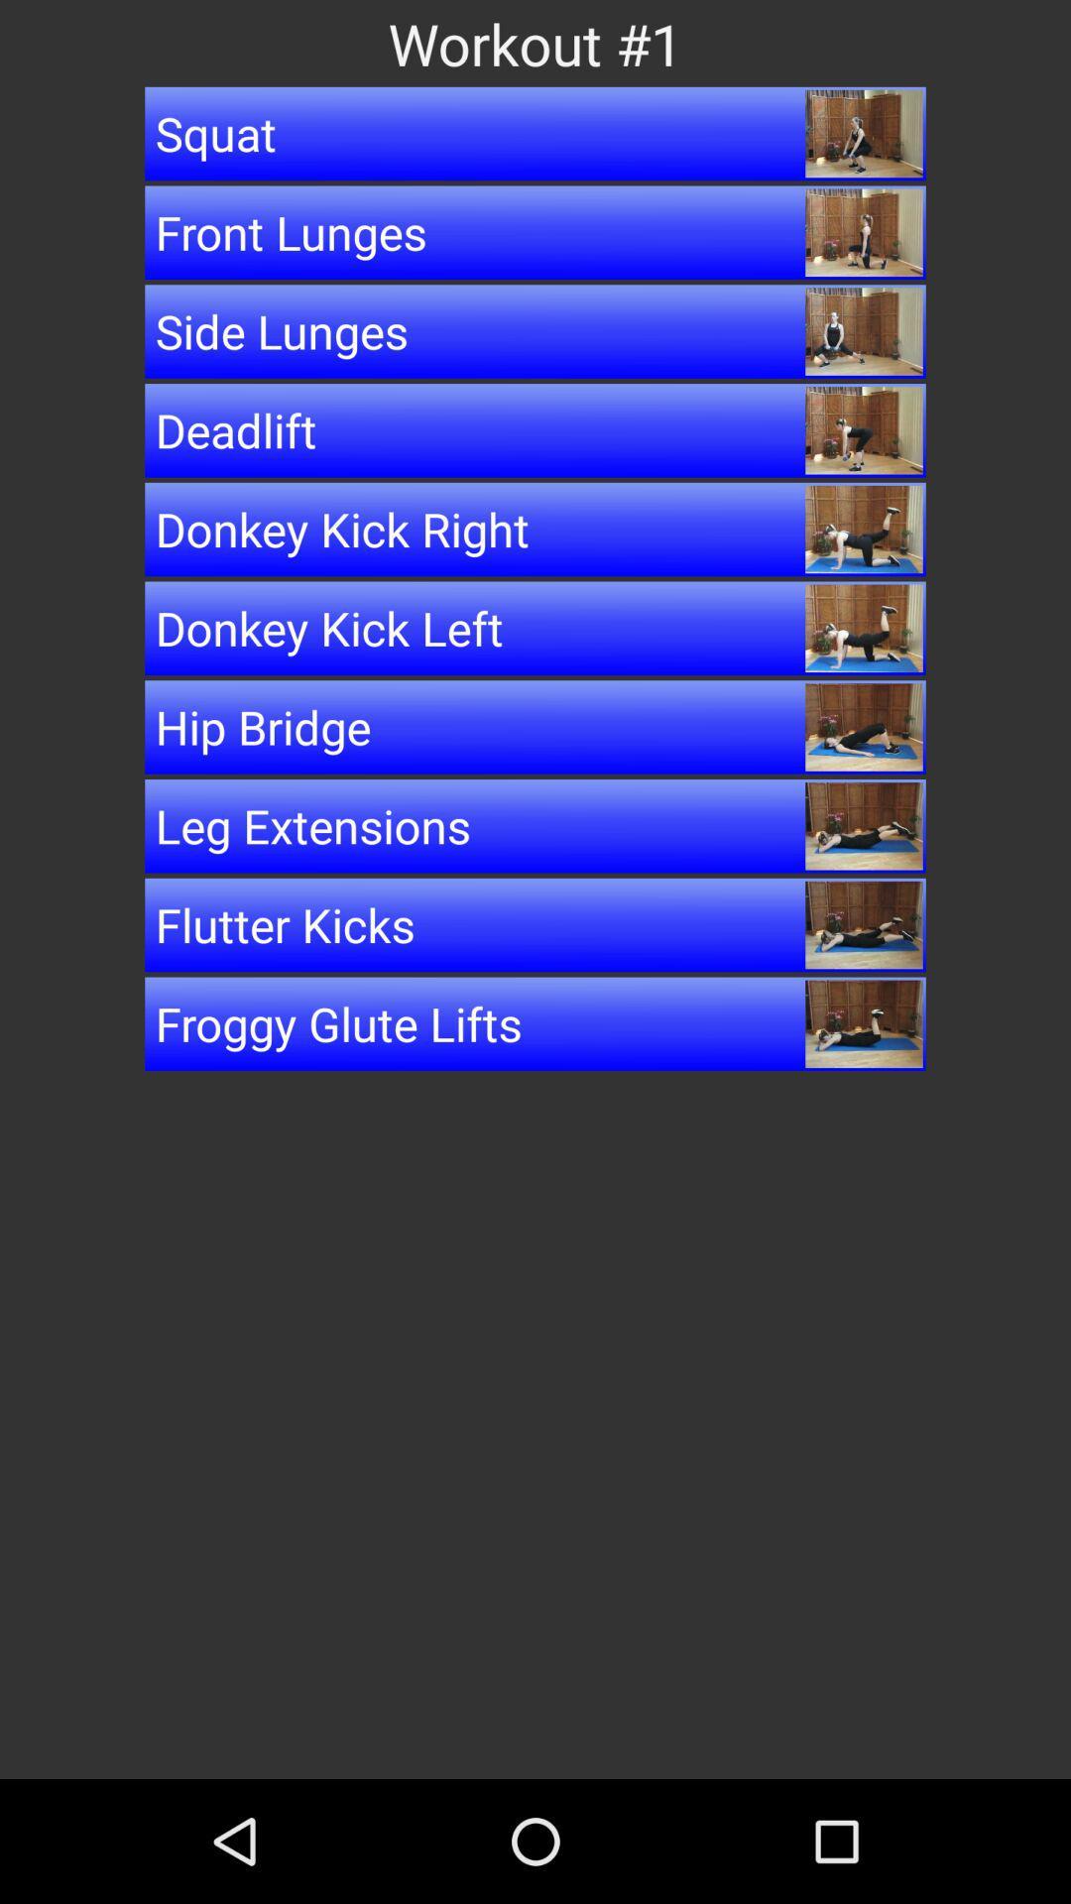 The width and height of the screenshot is (1071, 1904). What do you see at coordinates (535, 429) in the screenshot?
I see `the deadlift` at bounding box center [535, 429].